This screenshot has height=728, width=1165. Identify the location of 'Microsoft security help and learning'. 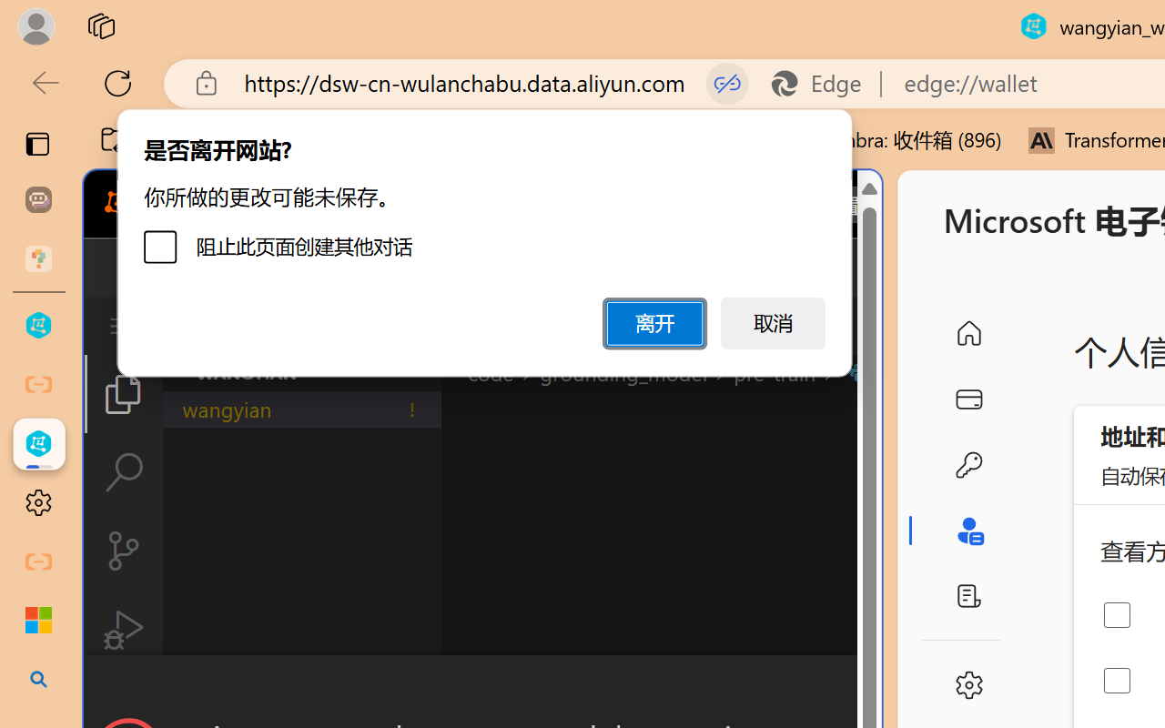
(38, 621).